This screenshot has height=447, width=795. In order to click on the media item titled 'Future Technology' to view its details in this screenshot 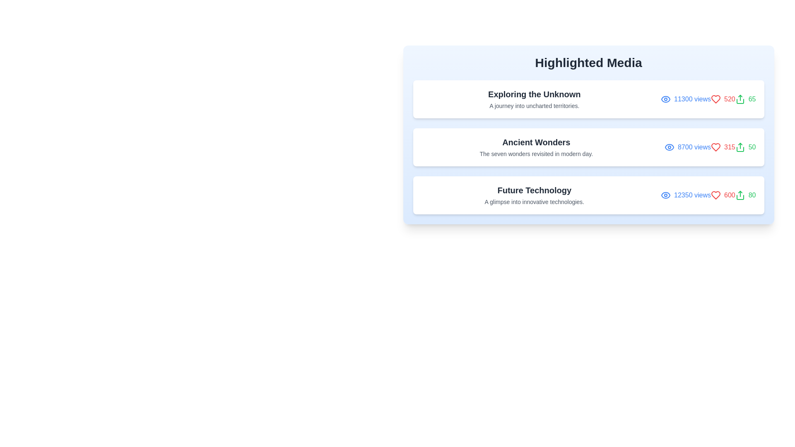, I will do `click(588, 195)`.